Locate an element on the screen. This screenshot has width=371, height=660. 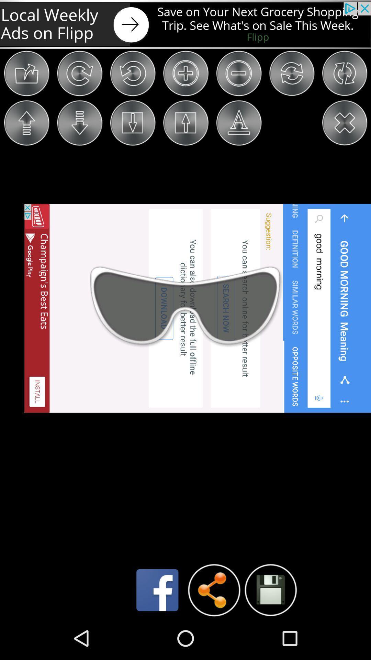
the save icon is located at coordinates (270, 631).